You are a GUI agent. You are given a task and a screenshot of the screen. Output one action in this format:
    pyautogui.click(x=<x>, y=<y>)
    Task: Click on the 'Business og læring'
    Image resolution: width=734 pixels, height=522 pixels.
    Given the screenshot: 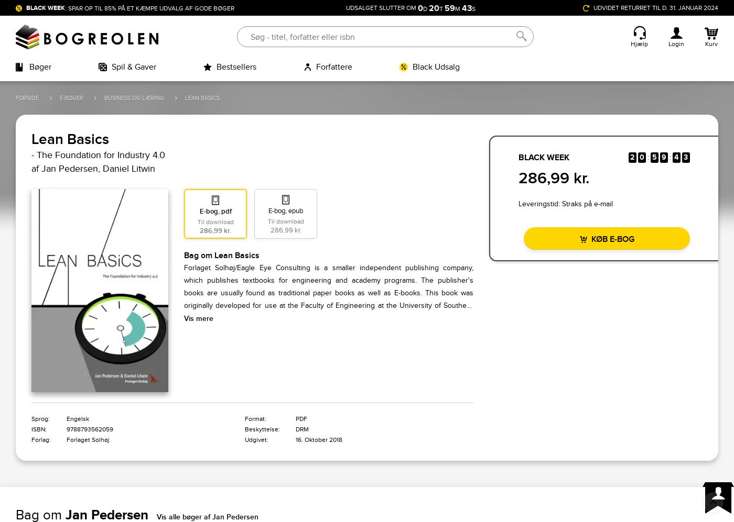 What is the action you would take?
    pyautogui.click(x=134, y=98)
    